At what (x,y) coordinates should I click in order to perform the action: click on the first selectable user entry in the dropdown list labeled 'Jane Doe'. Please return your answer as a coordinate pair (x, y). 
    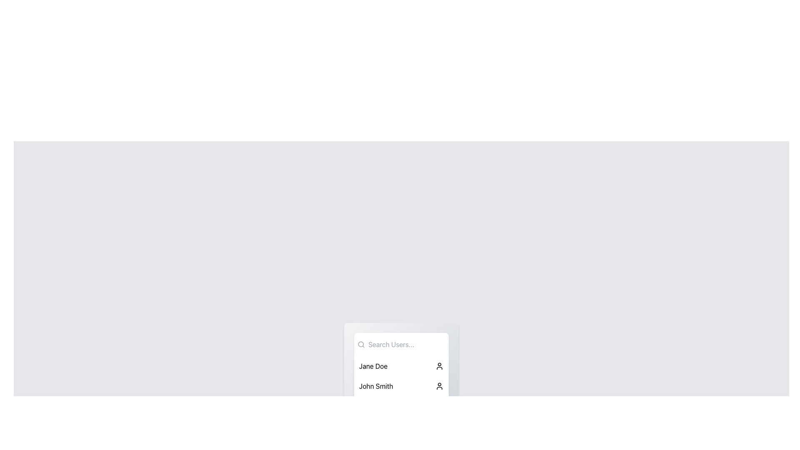
    Looking at the image, I should click on (401, 366).